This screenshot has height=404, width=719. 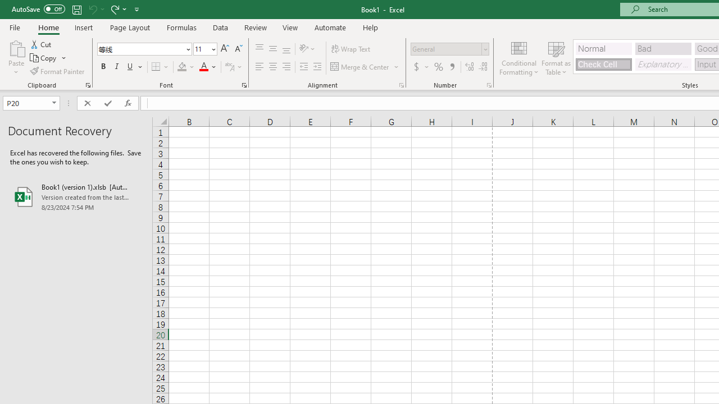 I want to click on 'Conditional Formatting', so click(x=518, y=58).